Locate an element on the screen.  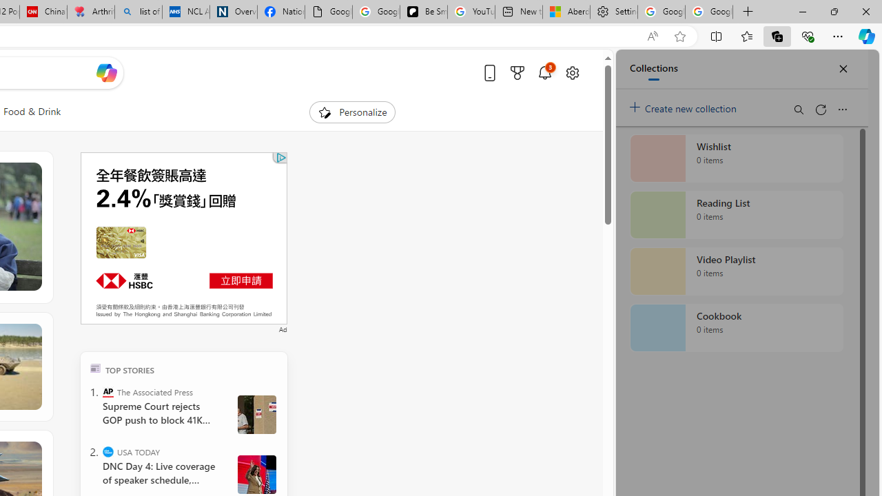
'list of asthma inhalers uk - Search' is located at coordinates (138, 12).